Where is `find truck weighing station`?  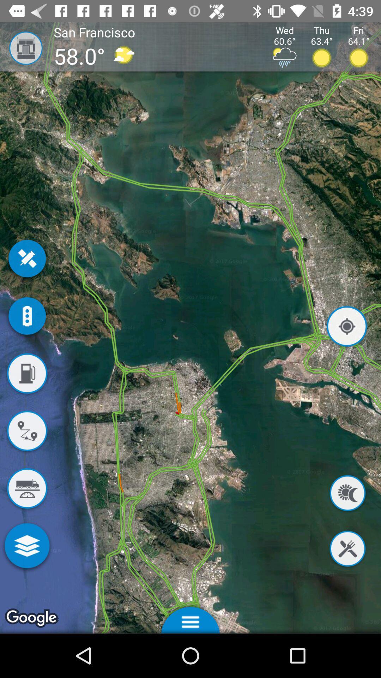 find truck weighing station is located at coordinates (26, 489).